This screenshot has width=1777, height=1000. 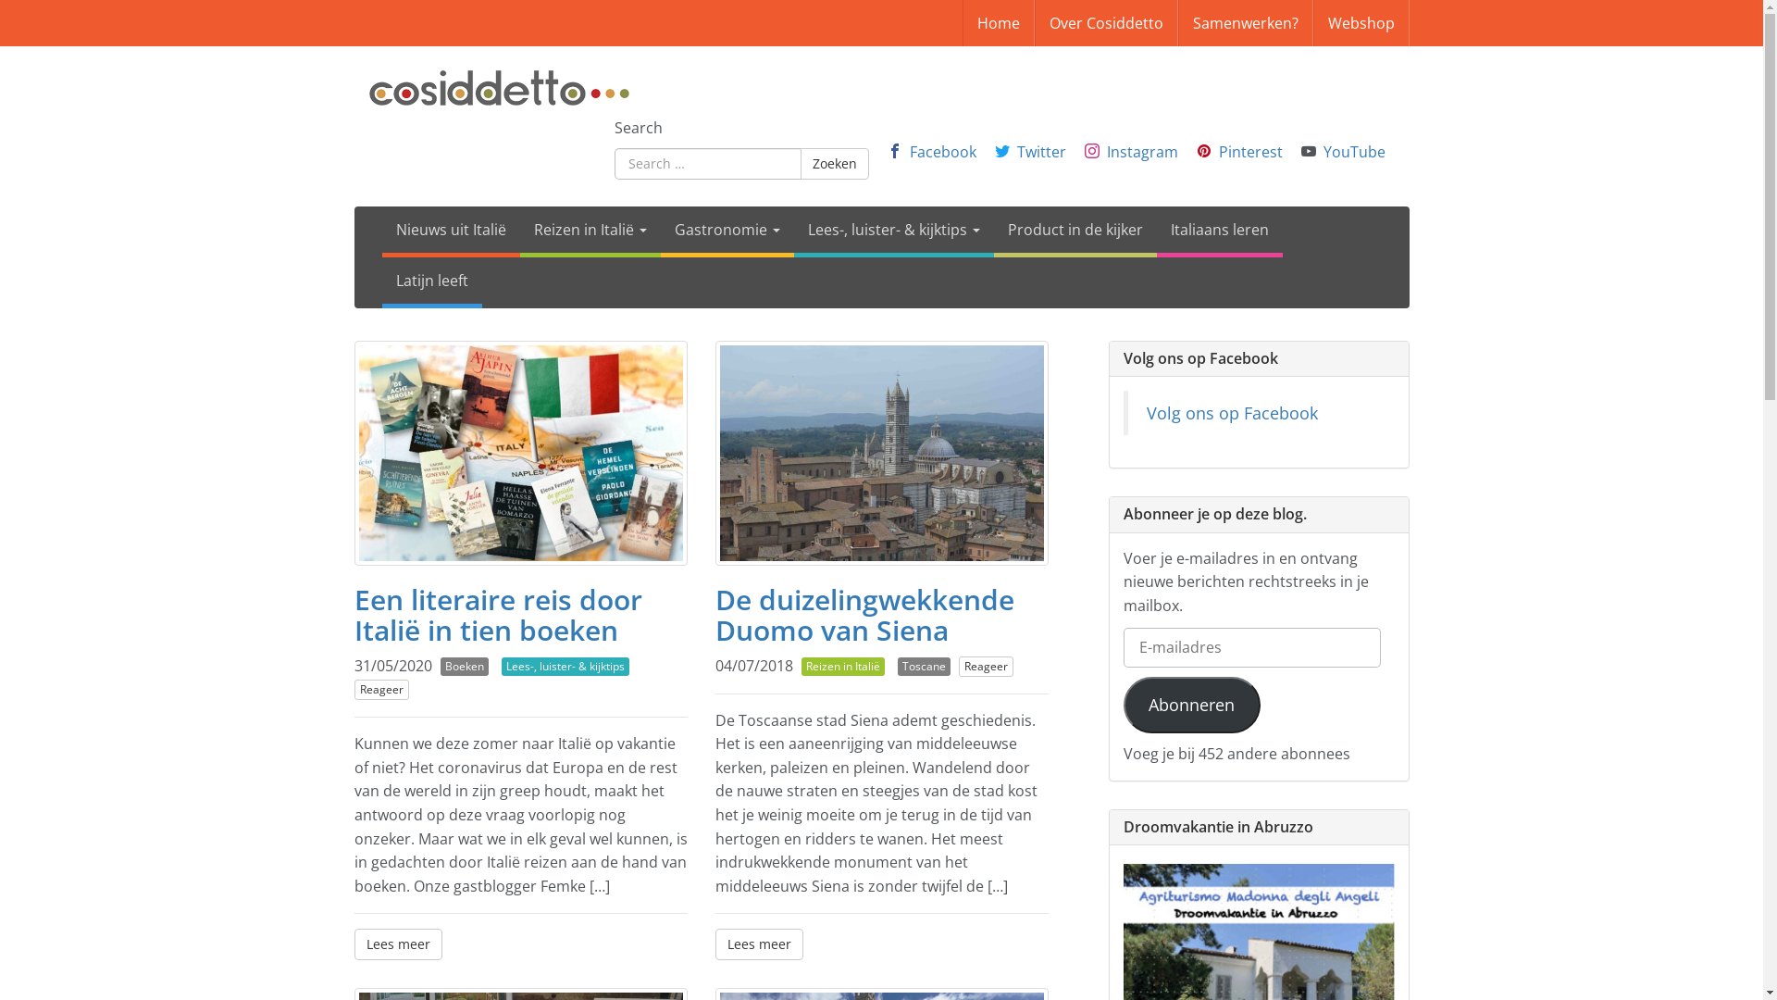 I want to click on 'Zoeken naar:', so click(x=614, y=163).